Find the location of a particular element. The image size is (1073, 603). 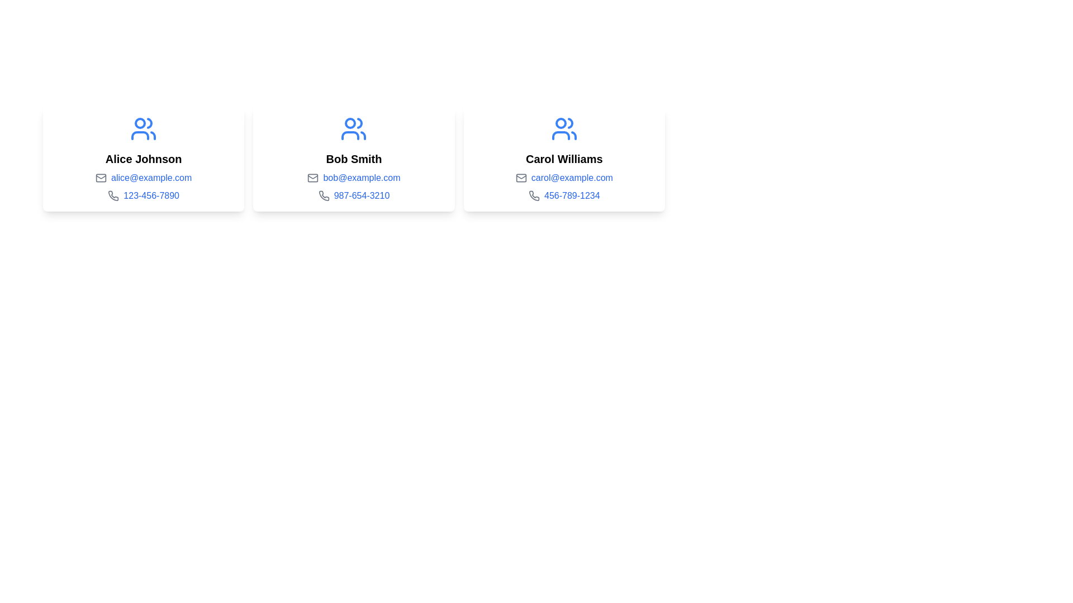

the telephone hyperlink for 'Bob Smith' is located at coordinates (353, 195).